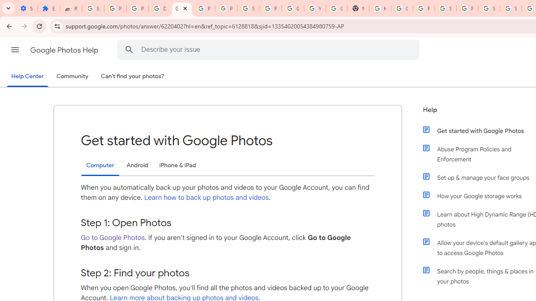 The height and width of the screenshot is (301, 536). Describe the element at coordinates (206, 198) in the screenshot. I see `'Learn how to back up photos and videos'` at that location.